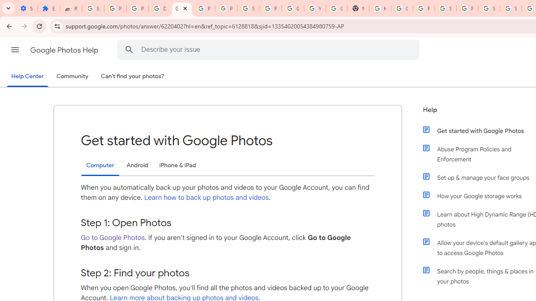 The height and width of the screenshot is (301, 536). Describe the element at coordinates (206, 198) in the screenshot. I see `'Learn how to back up photos and videos'` at that location.